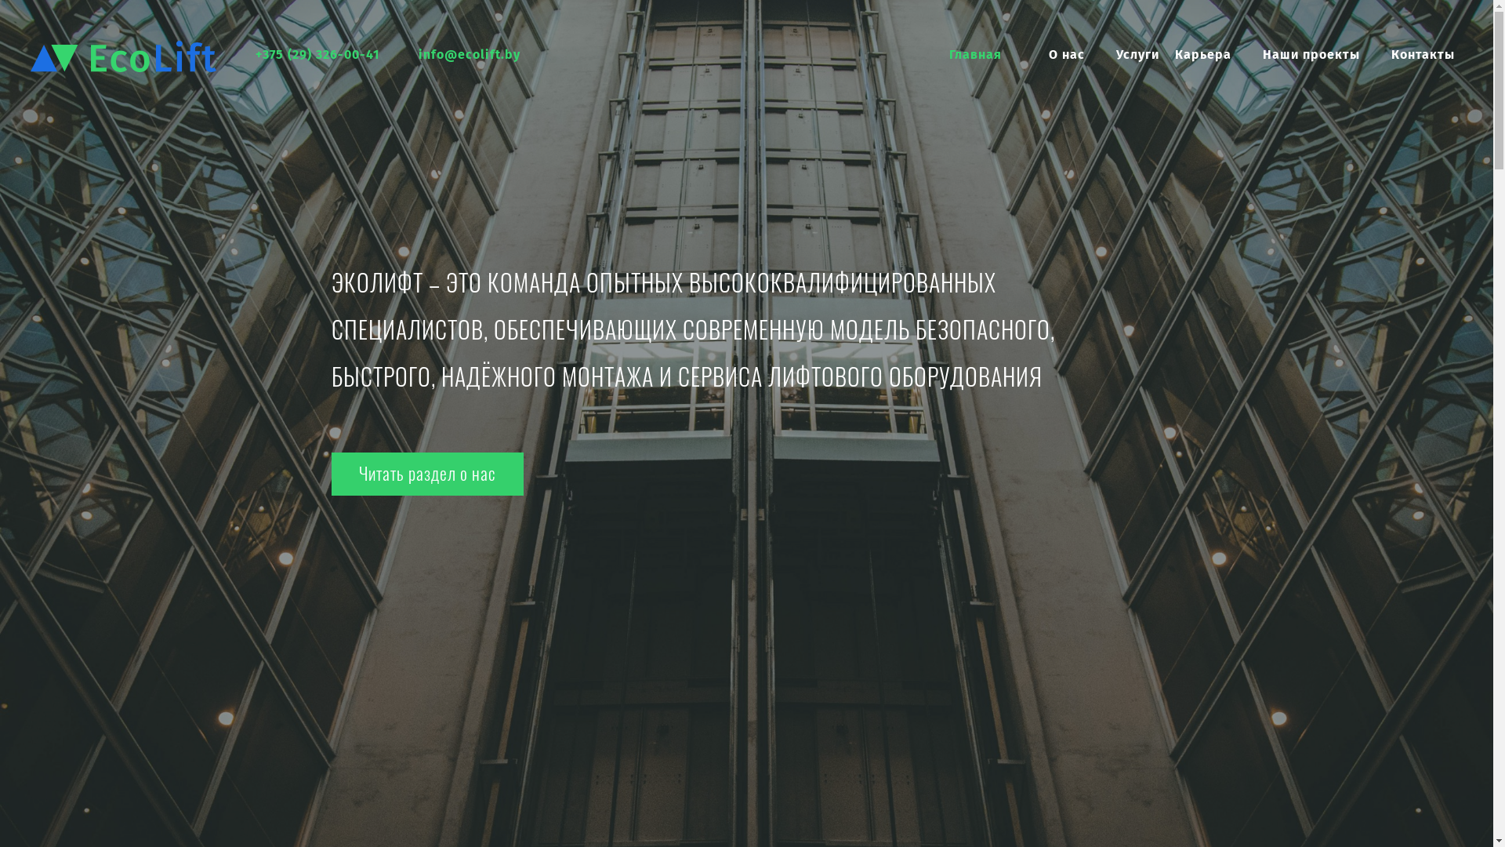  I want to click on '+375 (29) 326-00-41', so click(316, 53).